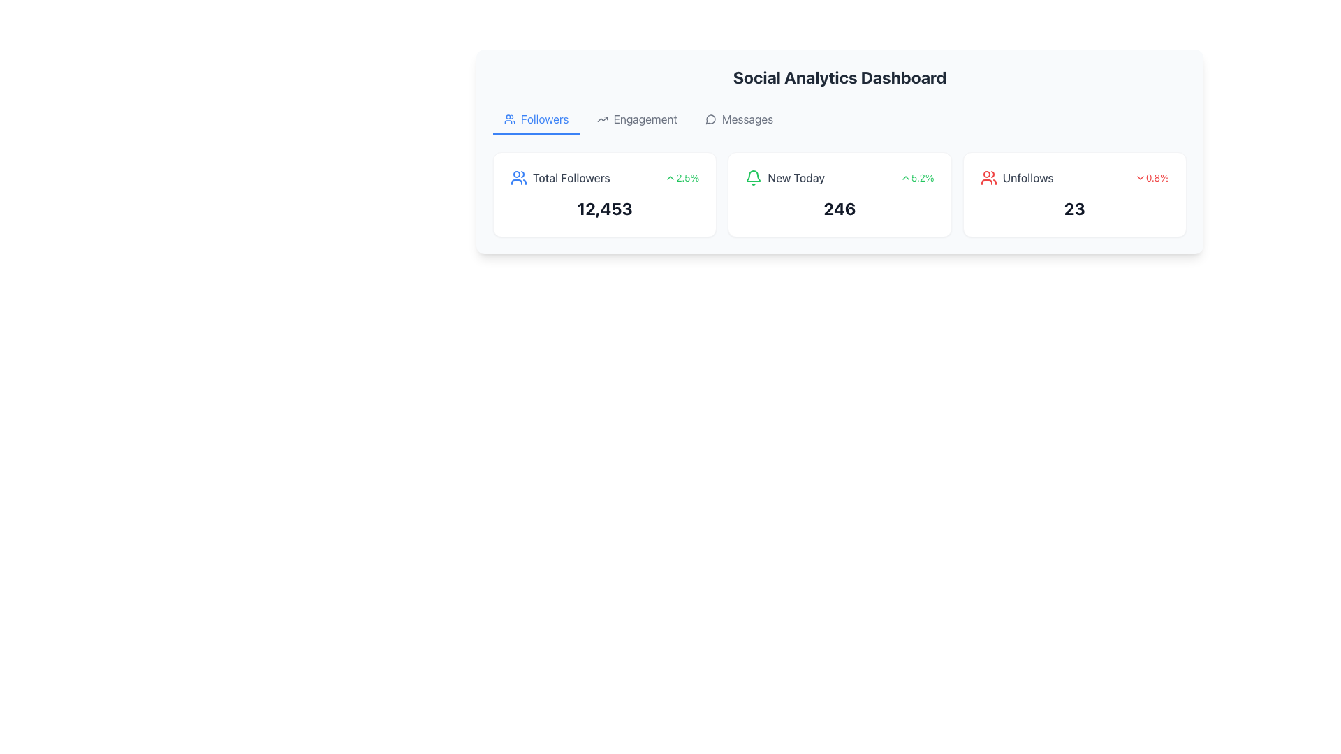 This screenshot has height=754, width=1341. I want to click on the Text Label that describes the count of unfollows, which is positioned to the left of the number 23, so click(1028, 177).